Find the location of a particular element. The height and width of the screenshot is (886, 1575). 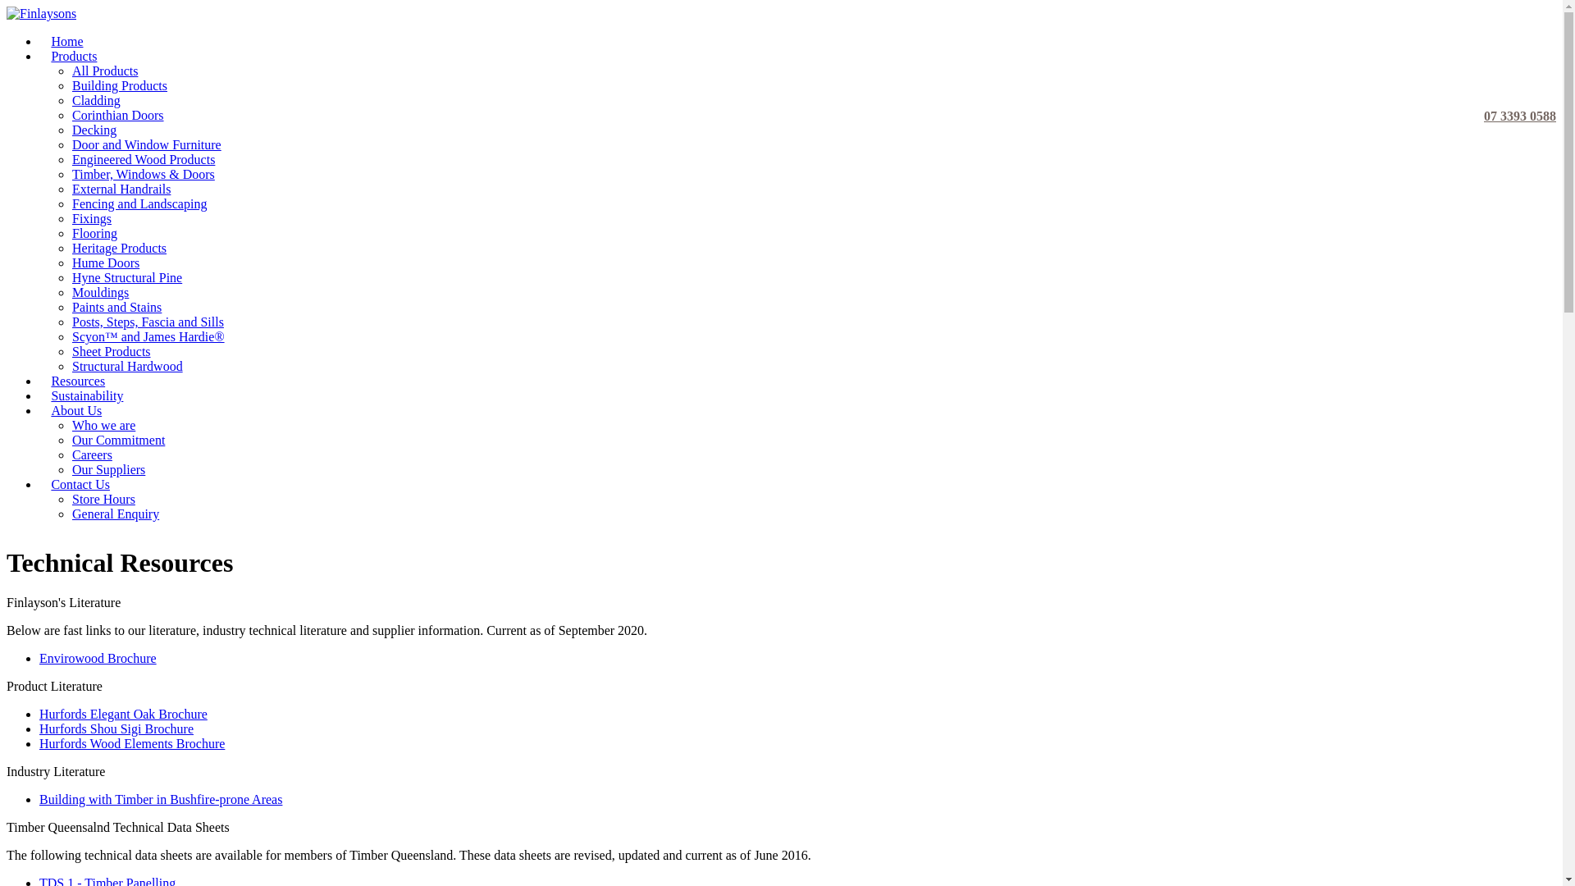

'Envirowood Brochure' is located at coordinates (39, 657).